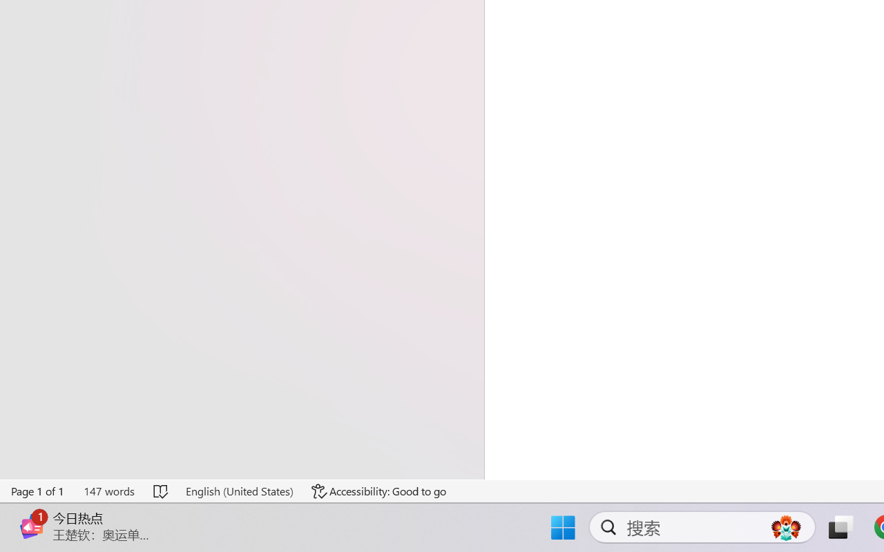  I want to click on 'Page Number Page 1 of 1', so click(38, 491).